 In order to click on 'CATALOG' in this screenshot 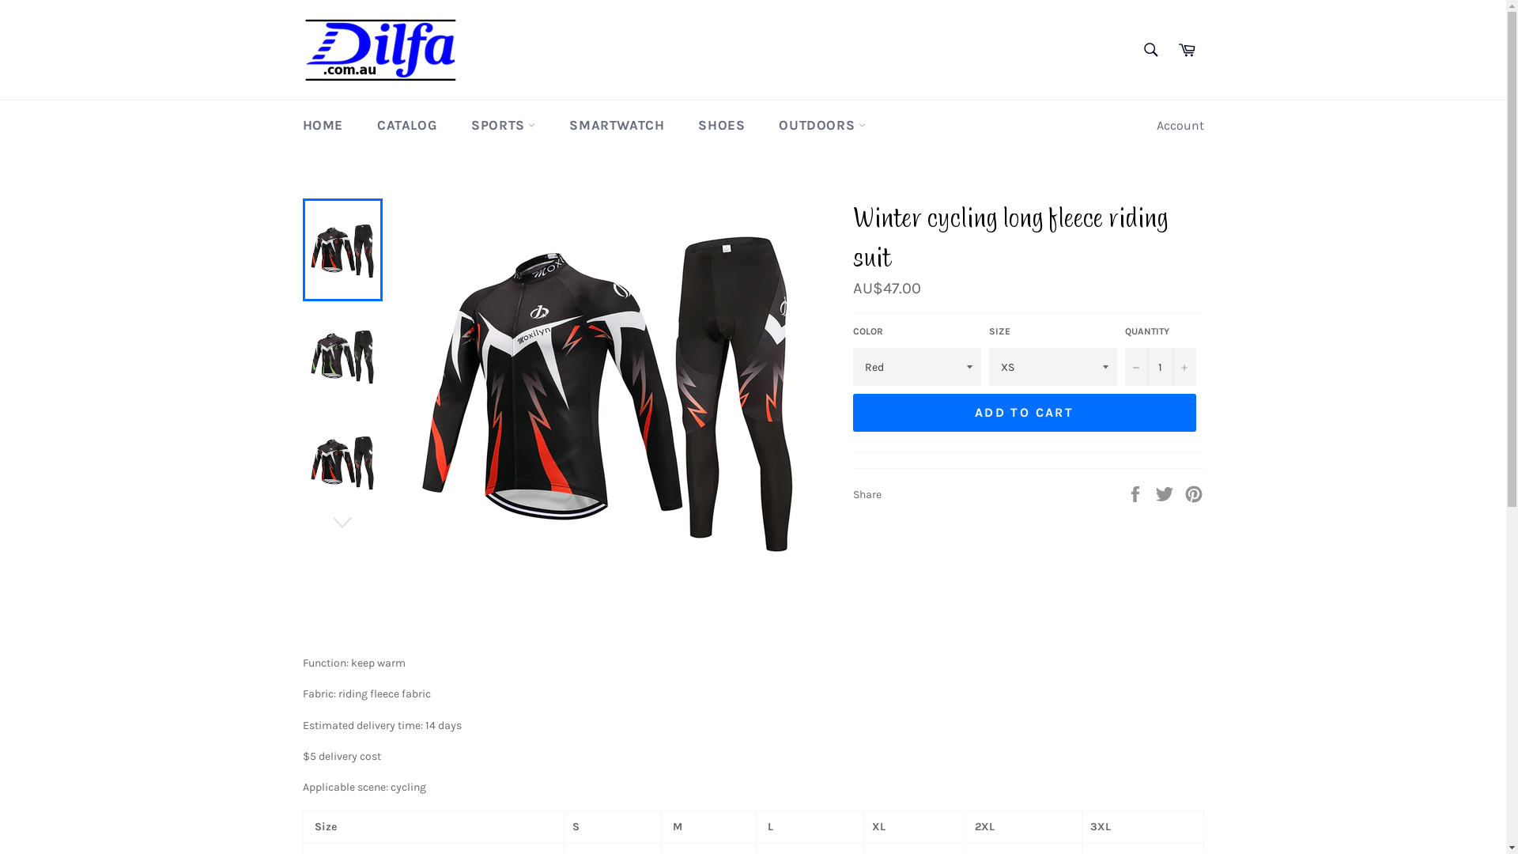, I will do `click(406, 124)`.